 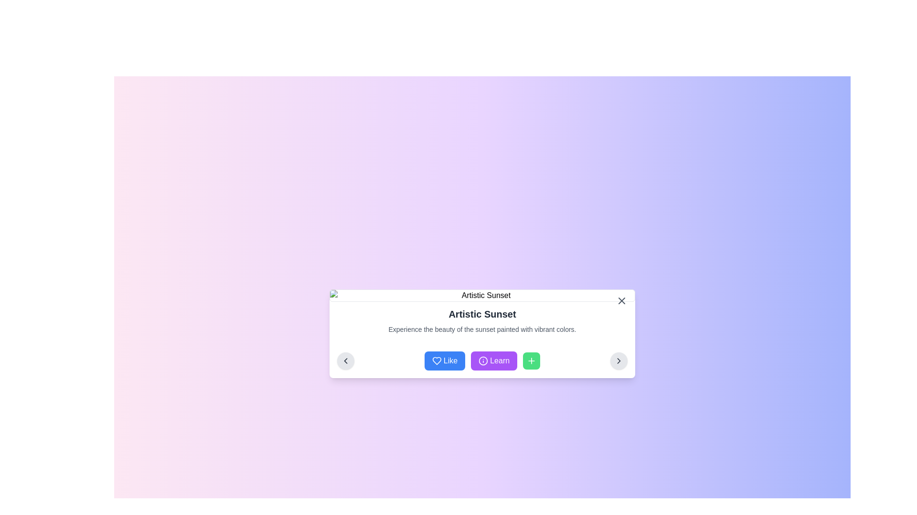 What do you see at coordinates (345, 360) in the screenshot?
I see `the navigational control icon embedded within the circular button located at the bottom-left corner of the 'Artistic Sunset' panel` at bounding box center [345, 360].